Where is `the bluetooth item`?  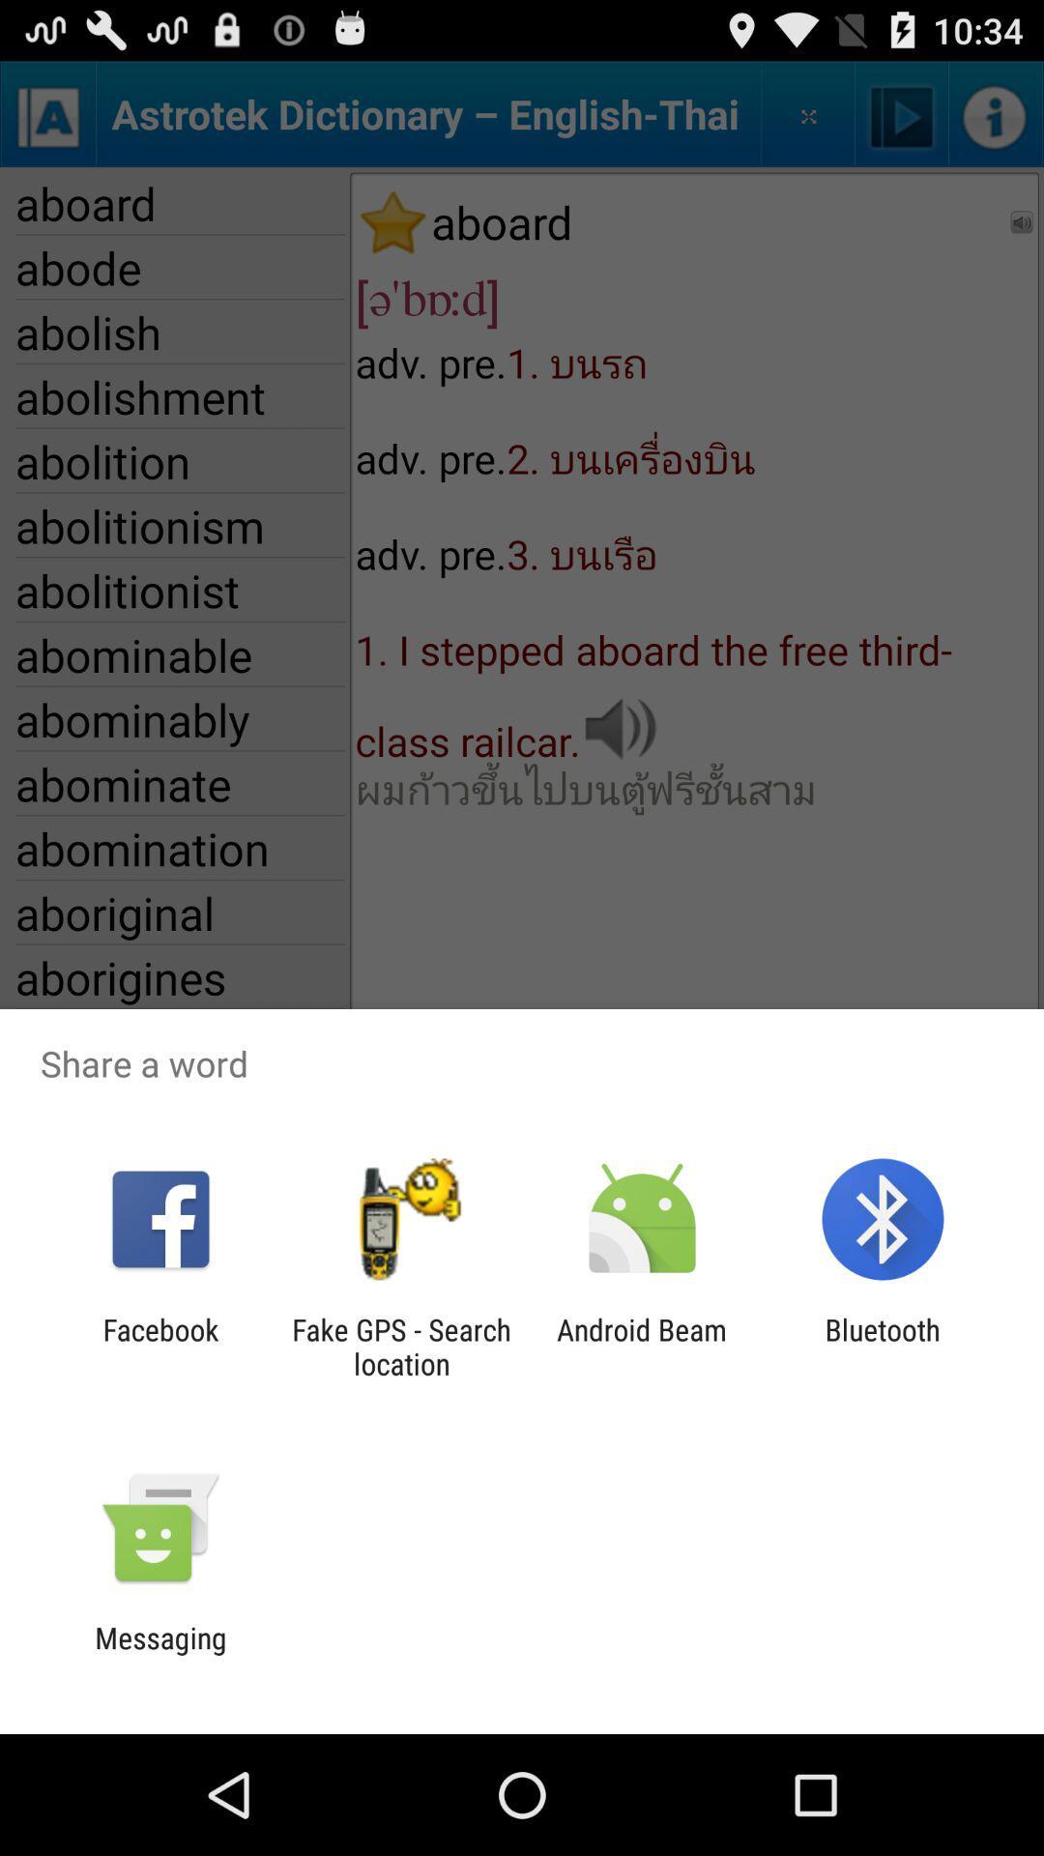
the bluetooth item is located at coordinates (883, 1346).